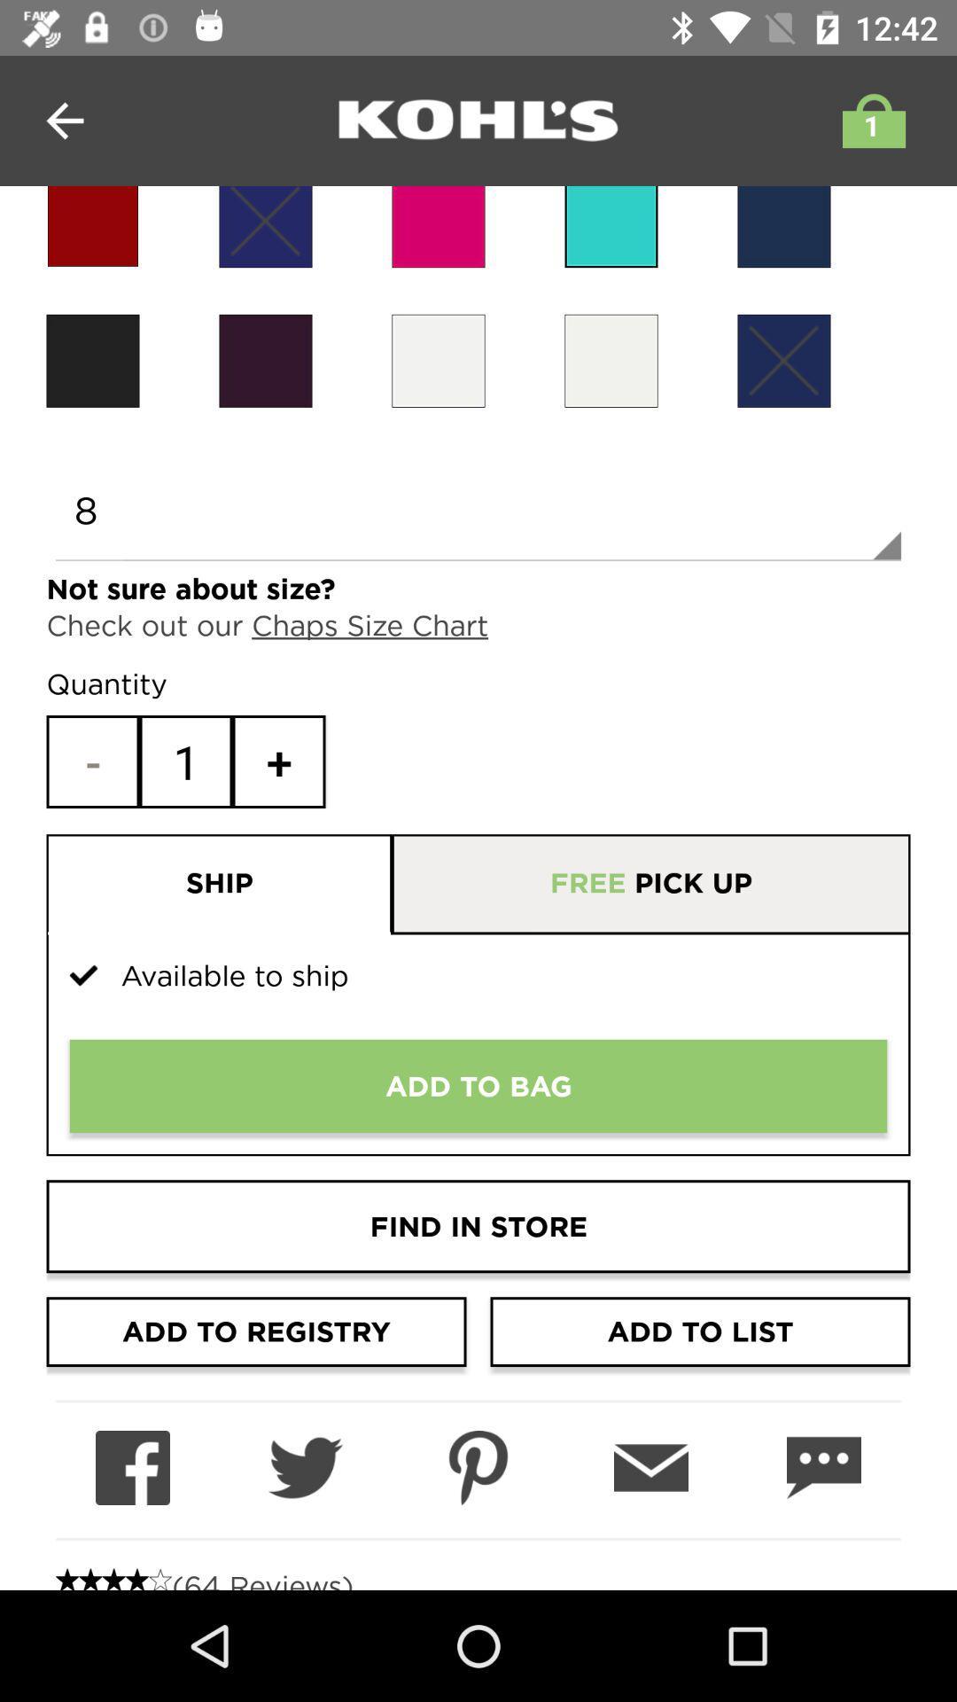  What do you see at coordinates (438, 226) in the screenshot?
I see `bright pink color` at bounding box center [438, 226].